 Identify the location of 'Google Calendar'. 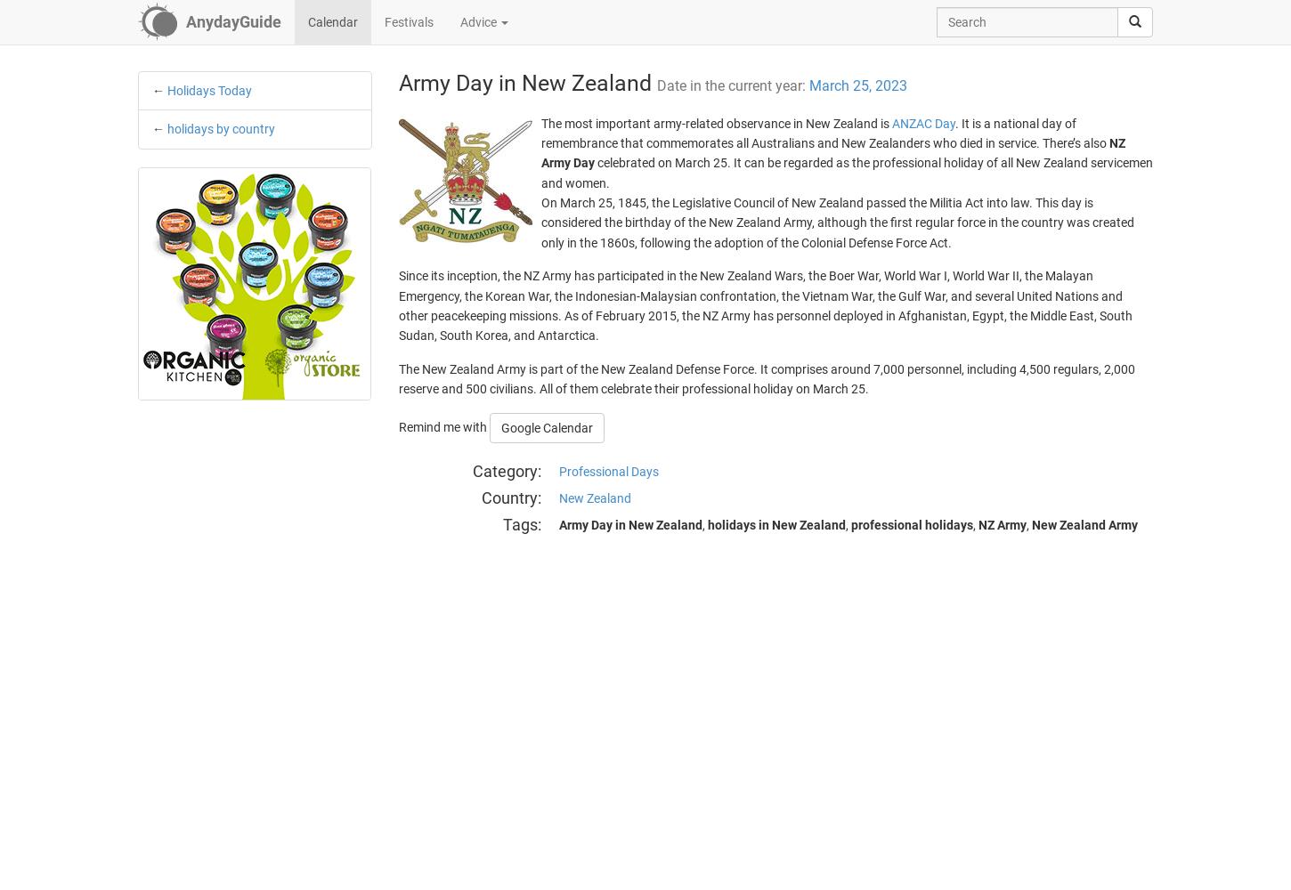
(500, 426).